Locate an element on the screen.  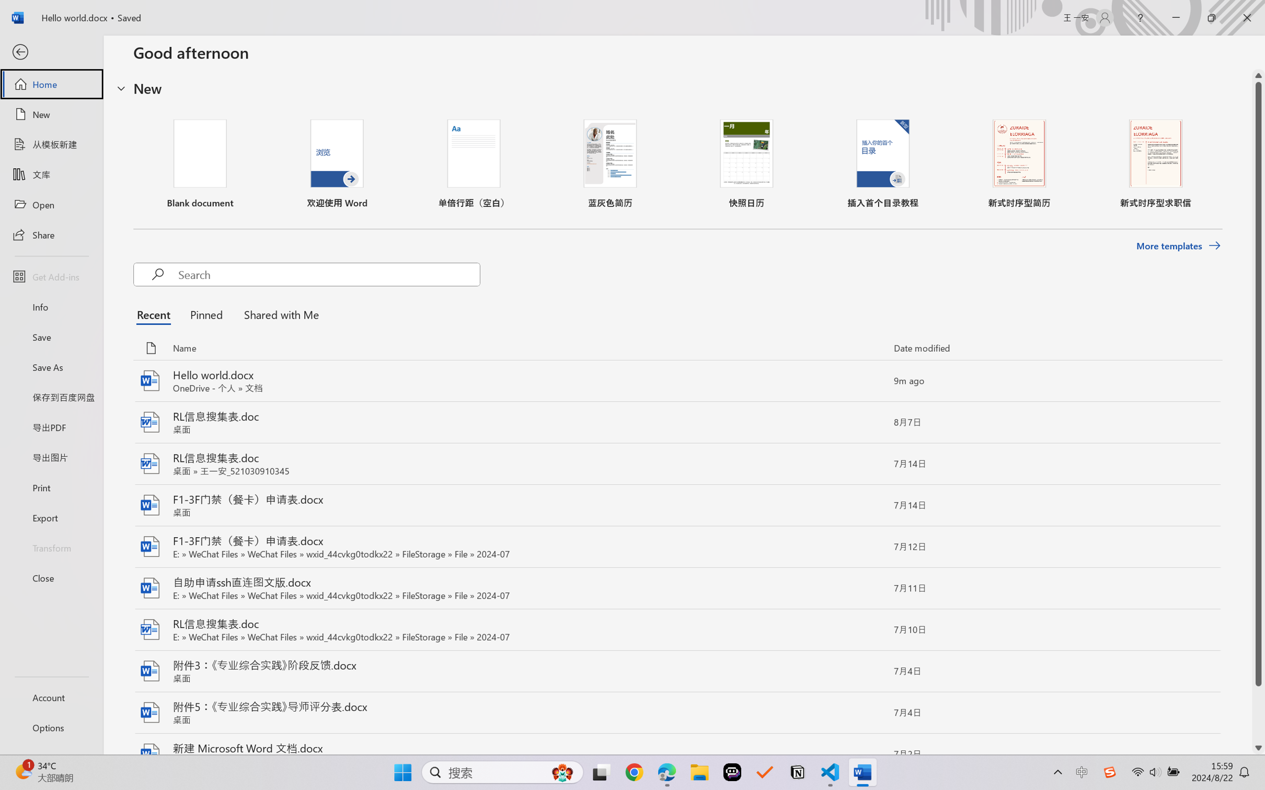
'Transform' is located at coordinates (51, 547).